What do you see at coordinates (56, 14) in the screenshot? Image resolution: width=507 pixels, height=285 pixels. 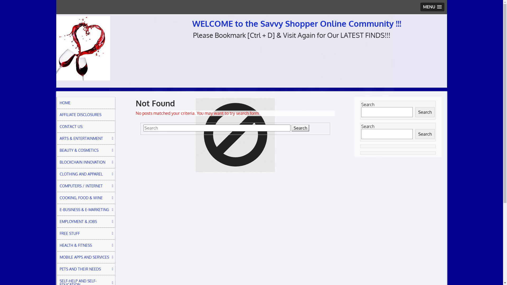 I see `'Skip to content'` at bounding box center [56, 14].